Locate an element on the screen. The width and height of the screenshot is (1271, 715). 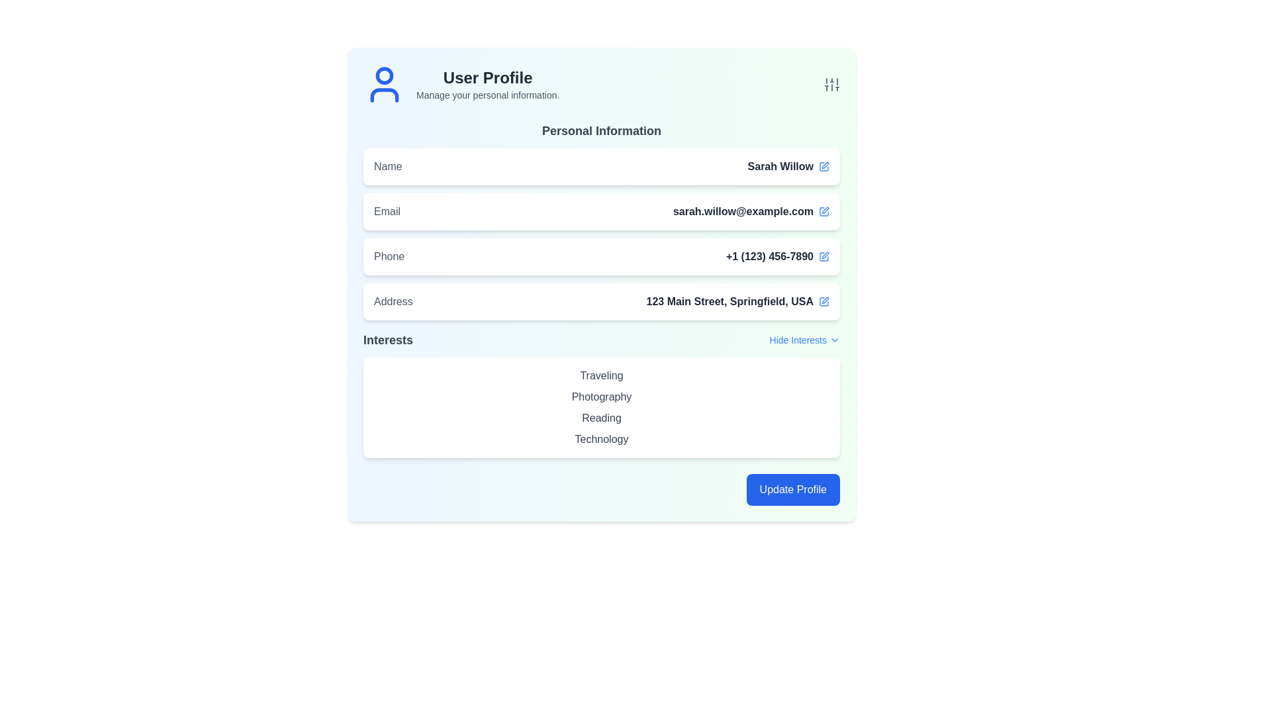
the static text element labeled 'Photography' located in the 'Interests' section, which is the second item in the list of interests is located at coordinates (600, 394).